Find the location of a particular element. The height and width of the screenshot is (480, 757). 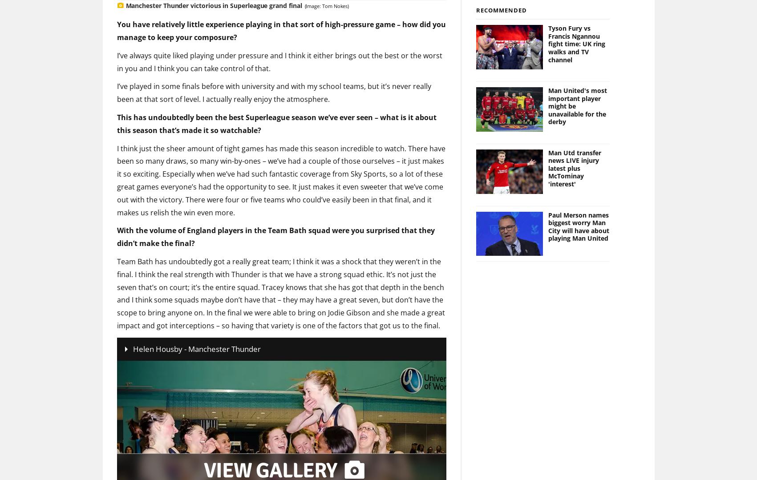

'I think just the sheer amount of tight games has made this season incredible to watch. There have been so many draws, so many win-by-ones – we’ve had a couple of those ourselves – it just makes it so exciting. Especially when we’ve had such fantastic coverage from Sky Sports, so a lot of these great games everyone’s had the opportunity to see. It just makes it even sweeter that we’ve come out with the victory. There were four or five teams who could’ve easily been in that final, and it makes us relish the win even more.' is located at coordinates (280, 165).